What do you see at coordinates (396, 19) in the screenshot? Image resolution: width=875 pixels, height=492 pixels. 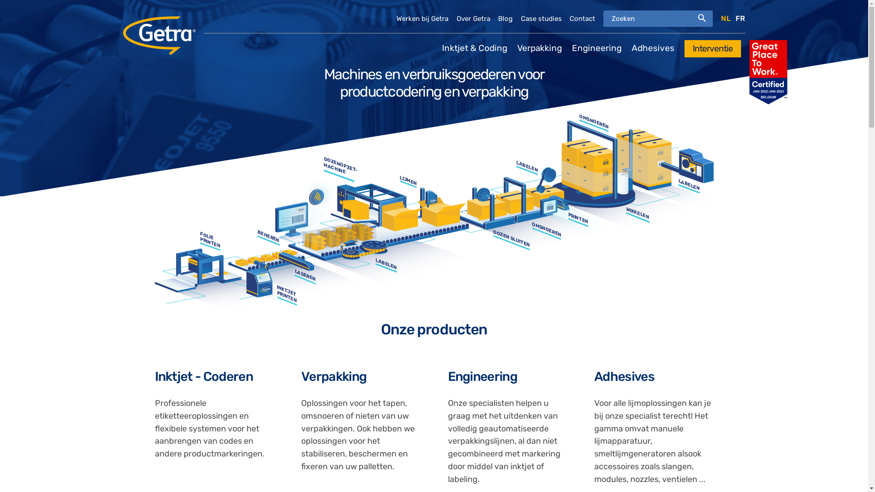 I see `'Werken bij Getra'` at bounding box center [396, 19].